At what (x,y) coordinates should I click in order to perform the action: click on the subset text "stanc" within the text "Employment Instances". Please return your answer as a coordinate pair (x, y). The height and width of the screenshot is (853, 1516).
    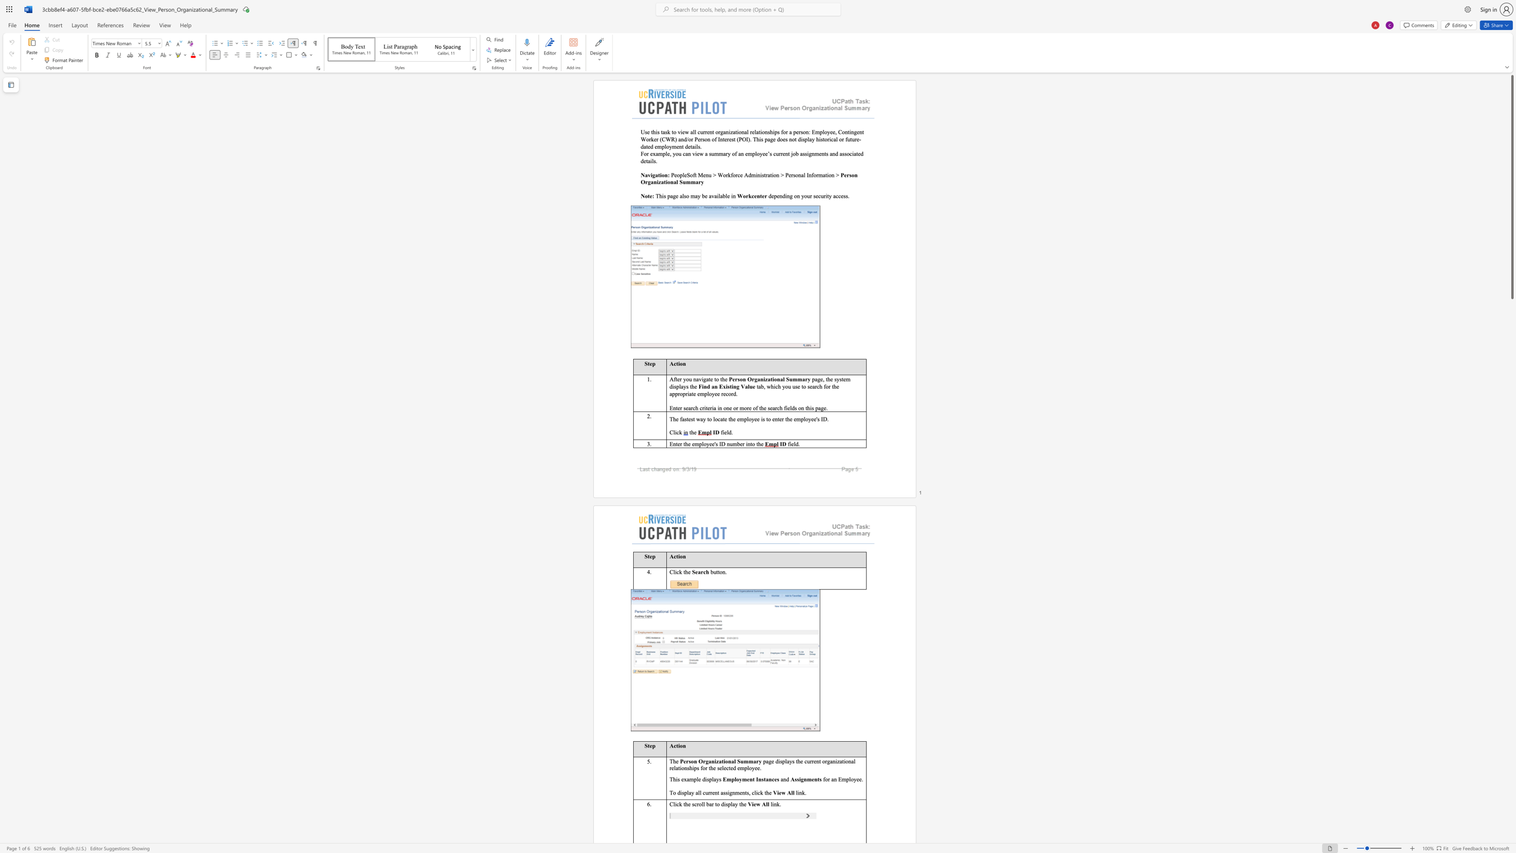
    Looking at the image, I should click on (761, 778).